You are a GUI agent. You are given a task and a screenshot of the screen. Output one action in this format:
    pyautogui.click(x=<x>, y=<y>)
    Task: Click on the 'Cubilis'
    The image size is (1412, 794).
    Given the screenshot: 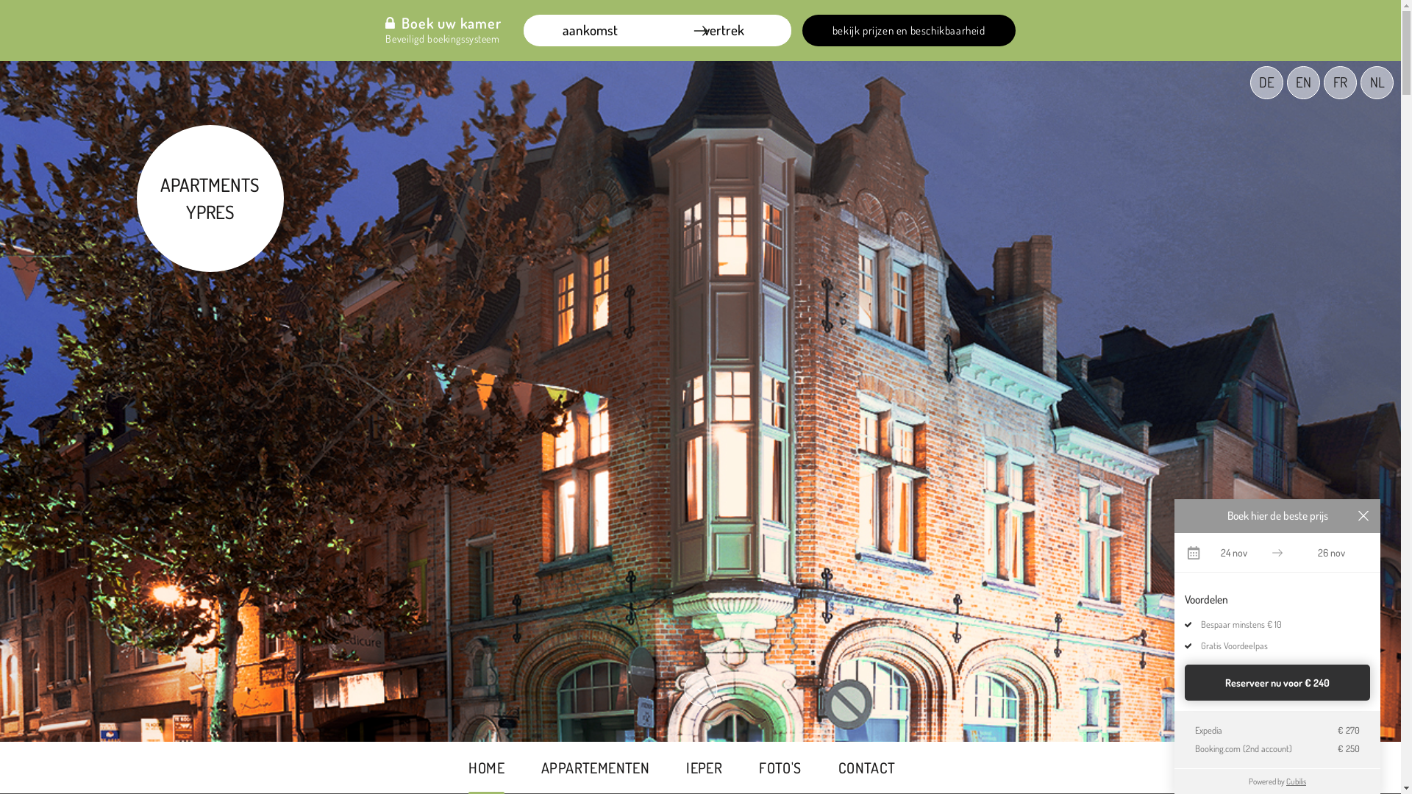 What is the action you would take?
    pyautogui.click(x=1296, y=780)
    